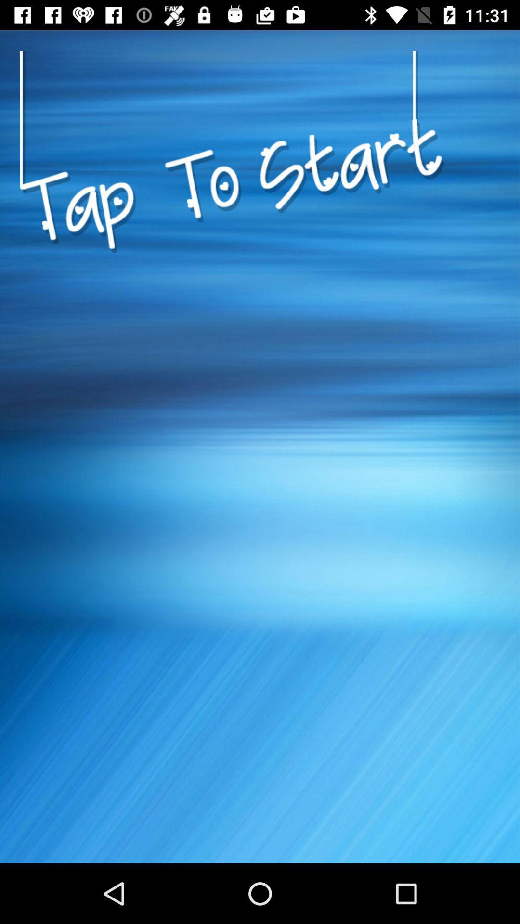 This screenshot has height=924, width=520. What do you see at coordinates (232, 295) in the screenshot?
I see `start the app button` at bounding box center [232, 295].